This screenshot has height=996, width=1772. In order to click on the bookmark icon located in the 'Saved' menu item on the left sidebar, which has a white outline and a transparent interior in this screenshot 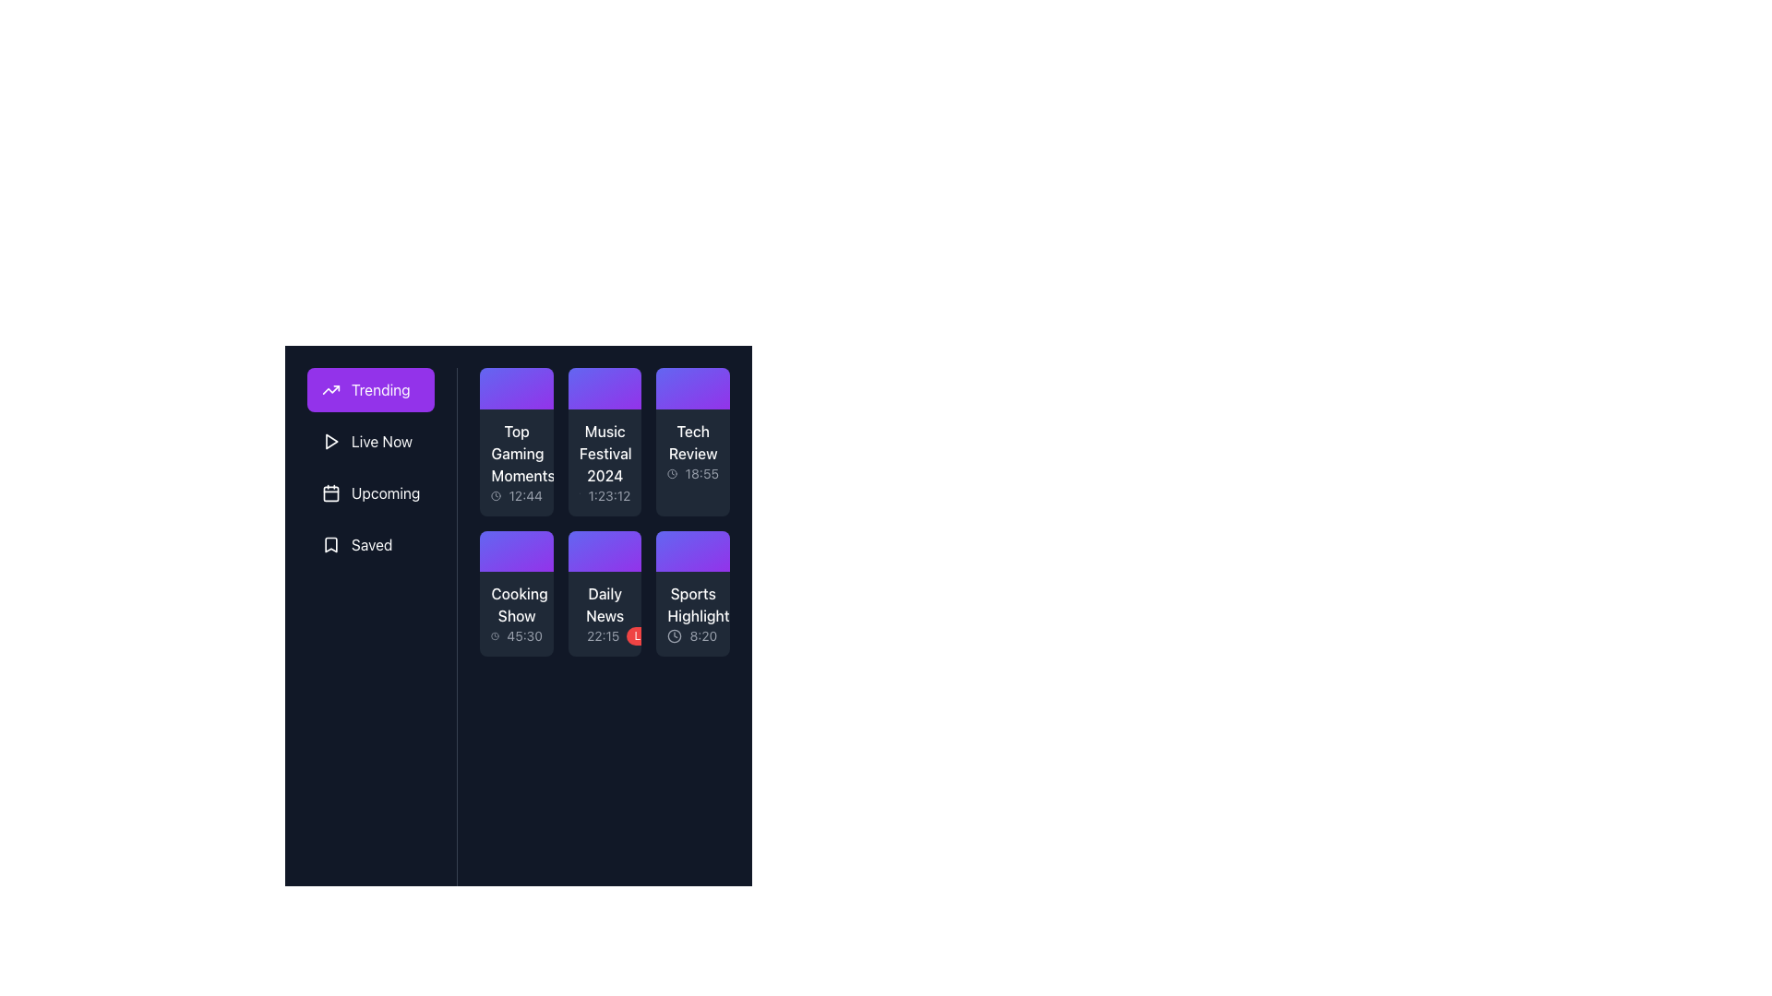, I will do `click(331, 543)`.